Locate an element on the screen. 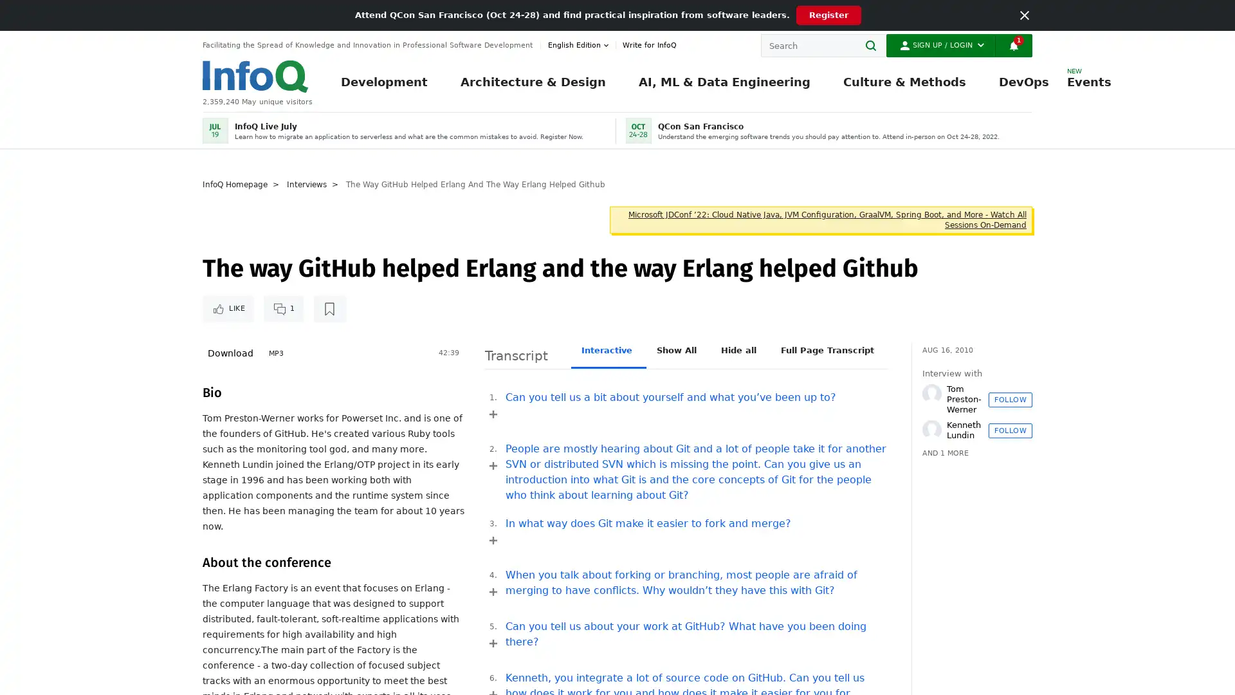 The height and width of the screenshot is (695, 1235). Read later is located at coordinates (329, 308).